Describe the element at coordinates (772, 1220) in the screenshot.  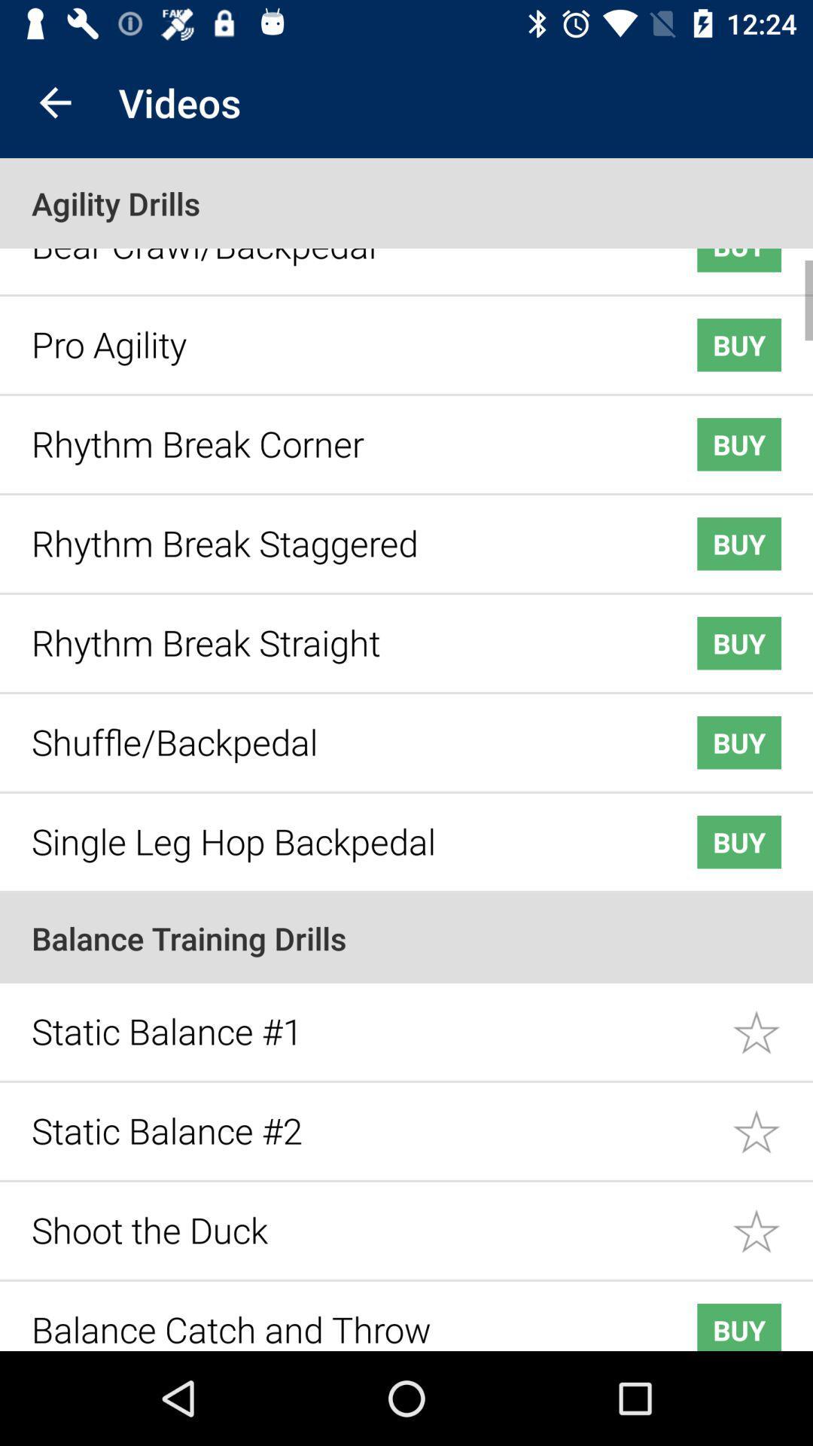
I see `option` at that location.